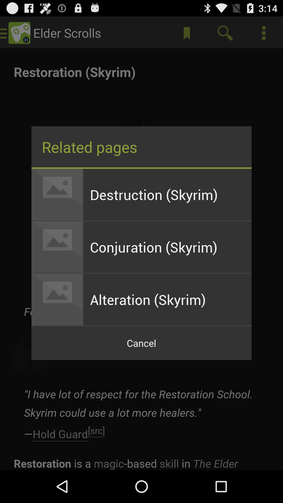  Describe the element at coordinates (167, 247) in the screenshot. I see `the conjuration (skyrim) app` at that location.